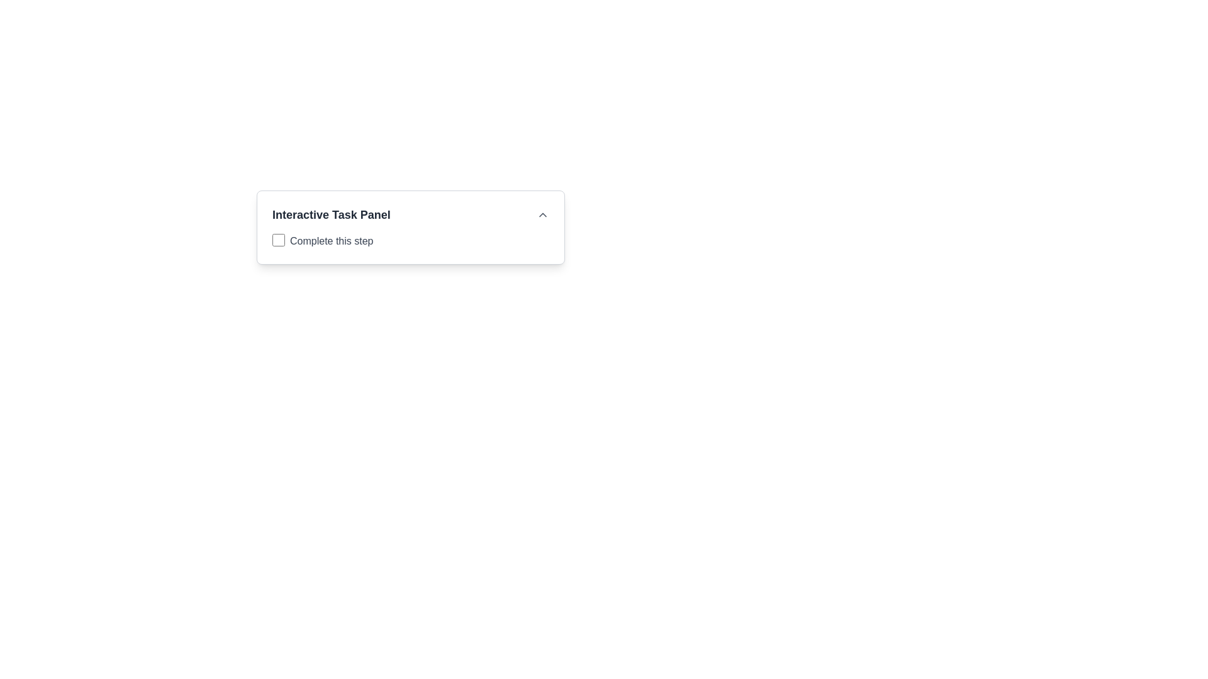  What do you see at coordinates (410, 228) in the screenshot?
I see `the 'Interactive Task Panel' which contains a checkbox and a subtitle 'Complete this step'` at bounding box center [410, 228].